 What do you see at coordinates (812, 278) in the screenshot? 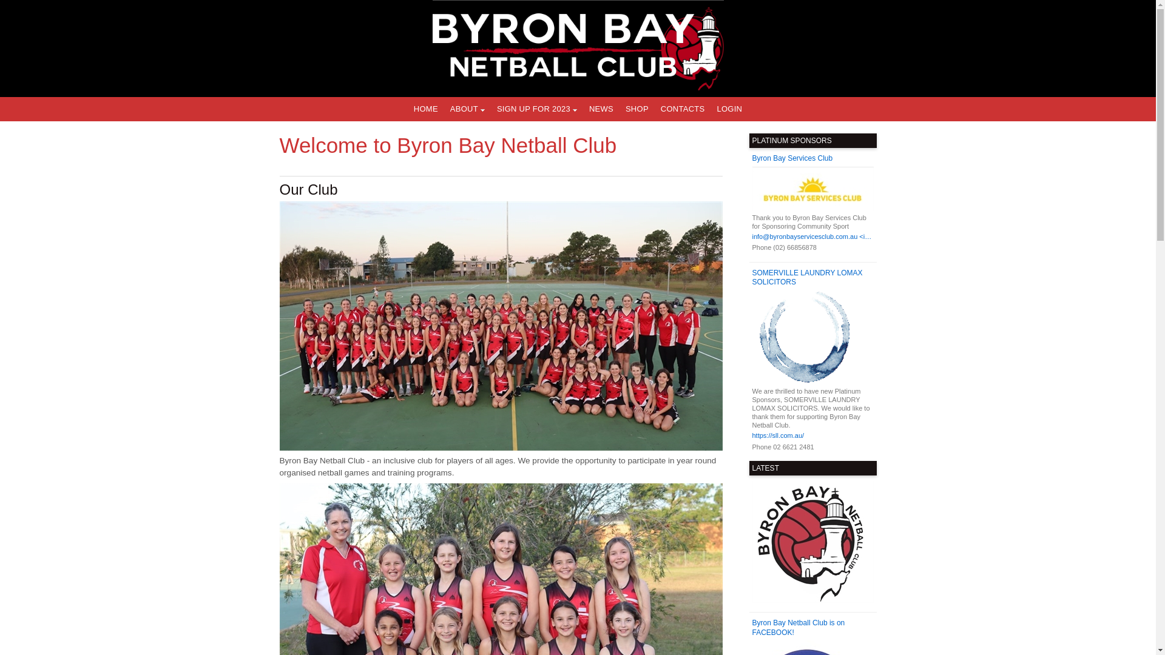
I see `'SOMERVILLE LAUNDRY LOMAX SOLICITORS'` at bounding box center [812, 278].